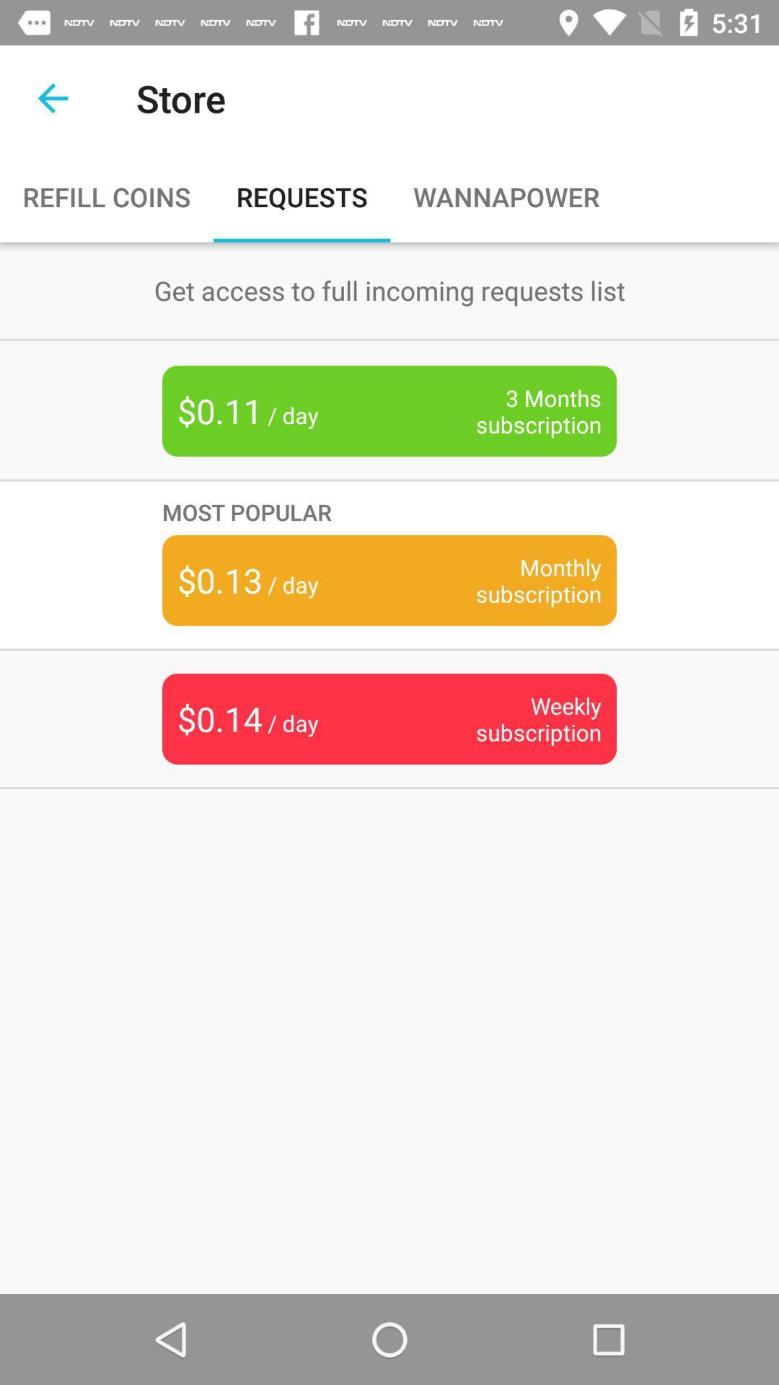  Describe the element at coordinates (389, 511) in the screenshot. I see `item below 3 months subscription icon` at that location.